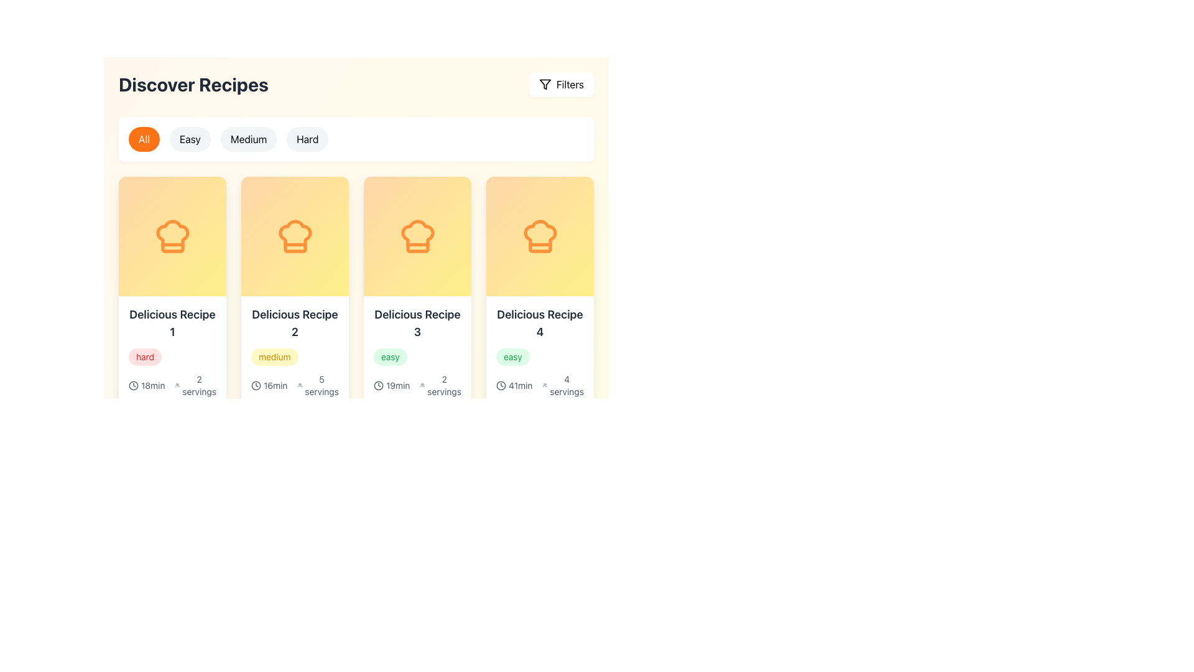 The height and width of the screenshot is (672, 1194). I want to click on the Informational Grid of 'Delicious Recipe 3', so click(417, 401).